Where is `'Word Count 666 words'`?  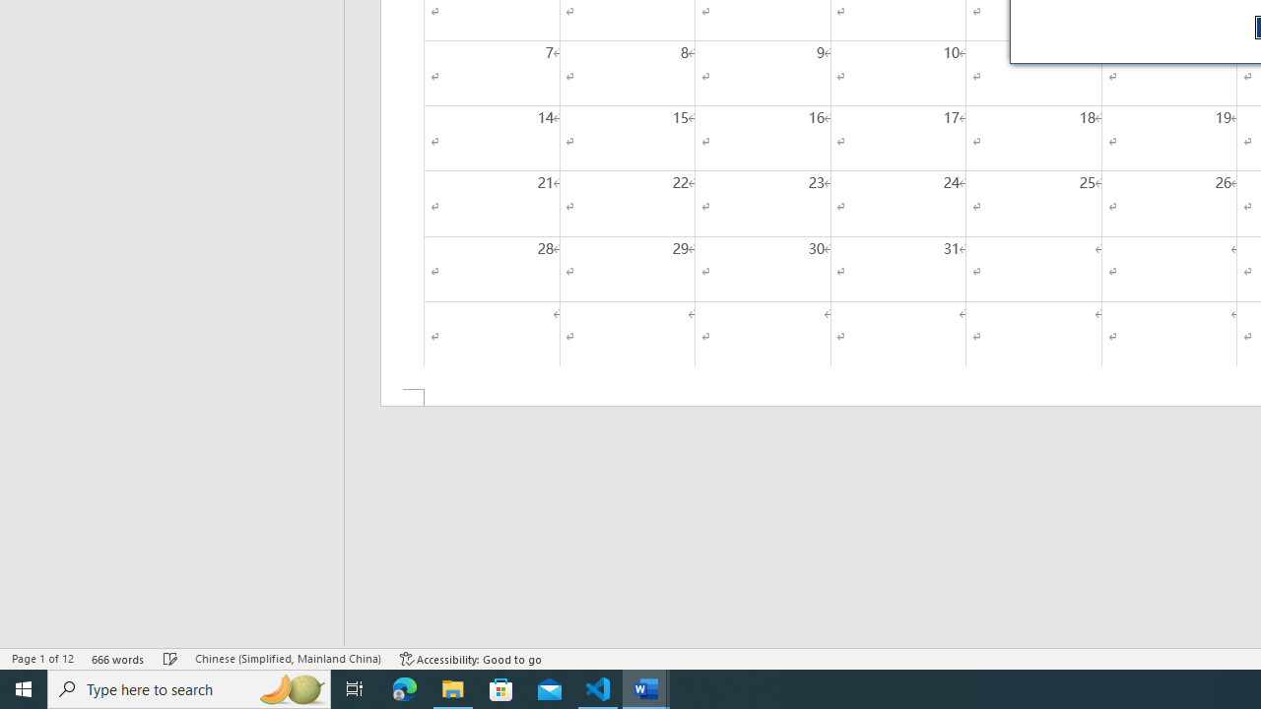
'Word Count 666 words' is located at coordinates (117, 659).